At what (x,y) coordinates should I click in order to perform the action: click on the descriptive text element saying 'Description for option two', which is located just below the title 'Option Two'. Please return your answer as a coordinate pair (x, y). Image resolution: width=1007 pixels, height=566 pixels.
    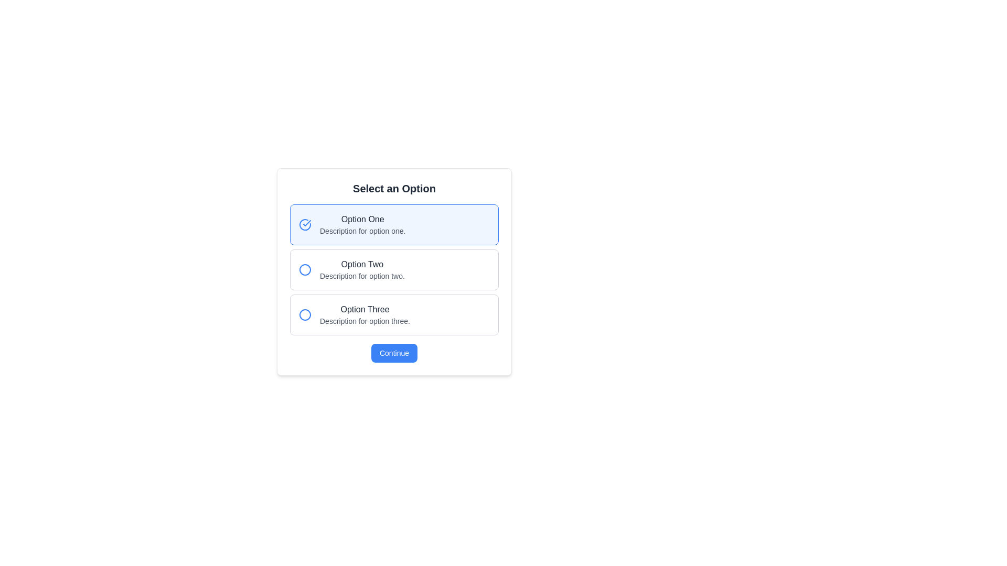
    Looking at the image, I should click on (362, 276).